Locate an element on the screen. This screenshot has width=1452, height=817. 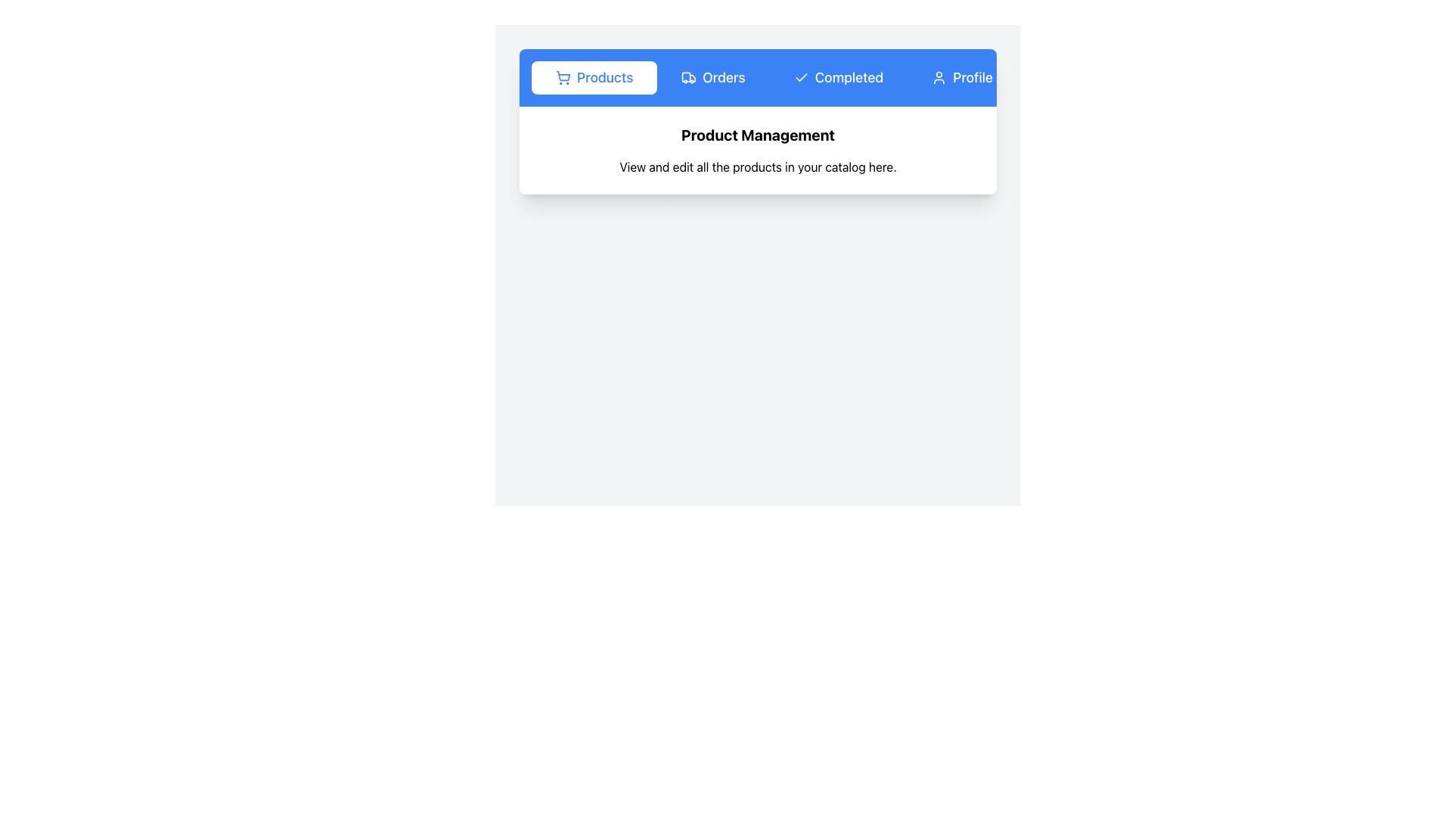
the second button in the navigation bar is located at coordinates (712, 78).